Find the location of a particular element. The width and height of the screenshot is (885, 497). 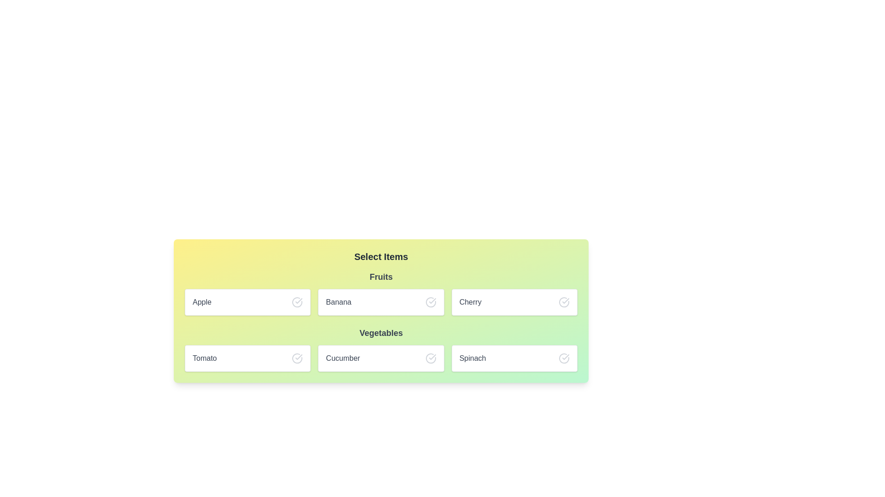

the selection confirmation icon next to the 'Tomato' label is located at coordinates (297, 358).